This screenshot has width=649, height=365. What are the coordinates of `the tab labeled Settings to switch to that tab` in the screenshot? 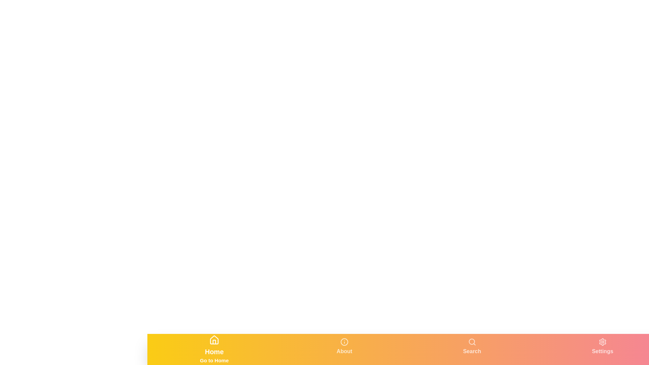 It's located at (602, 349).